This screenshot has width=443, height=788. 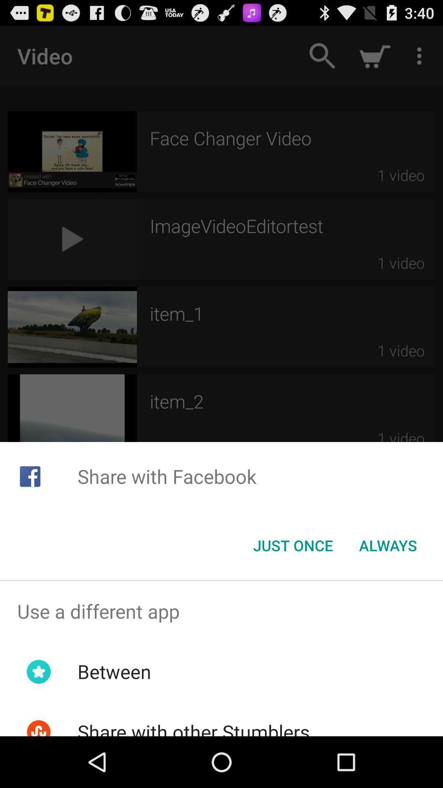 What do you see at coordinates (388, 545) in the screenshot?
I see `item to the right of the just once icon` at bounding box center [388, 545].